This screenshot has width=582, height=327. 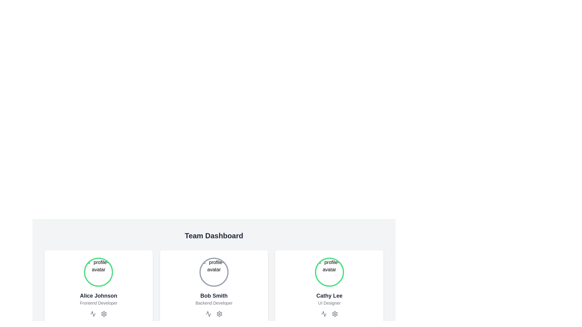 What do you see at coordinates (99, 303) in the screenshot?
I see `the text label describing the job title of Alice Johnson, located centrally below the profile avatar in the Team Dashboard` at bounding box center [99, 303].